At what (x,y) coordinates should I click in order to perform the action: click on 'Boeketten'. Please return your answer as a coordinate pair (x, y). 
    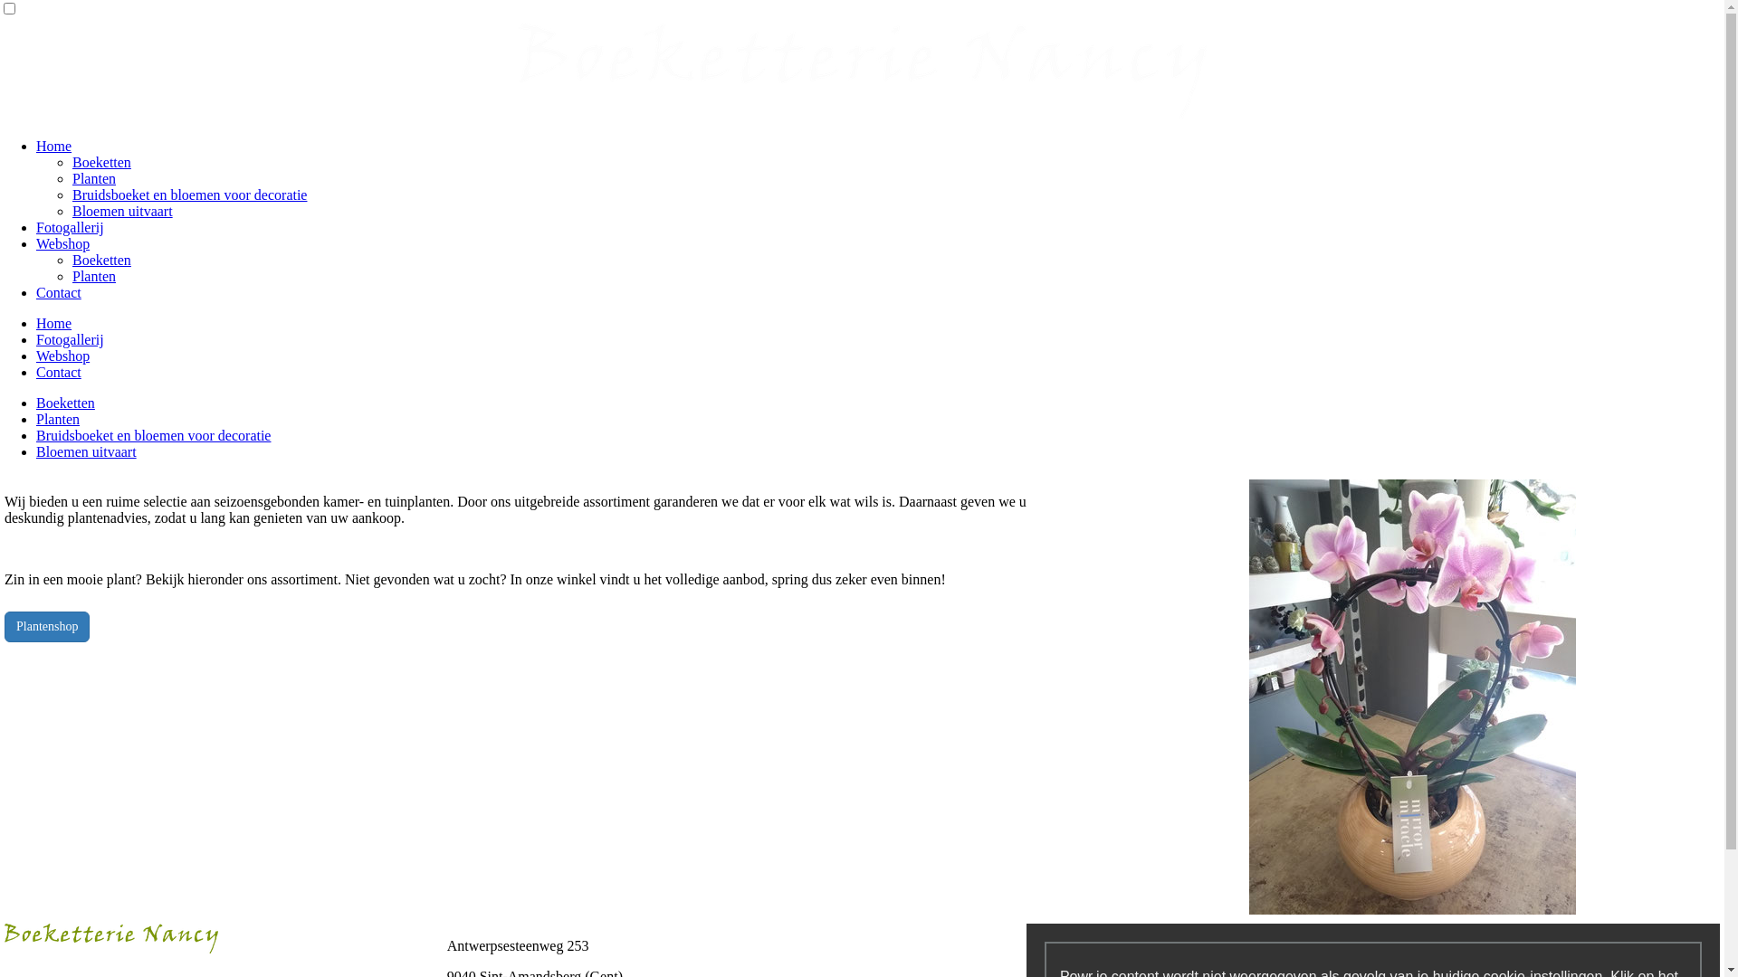
    Looking at the image, I should click on (100, 161).